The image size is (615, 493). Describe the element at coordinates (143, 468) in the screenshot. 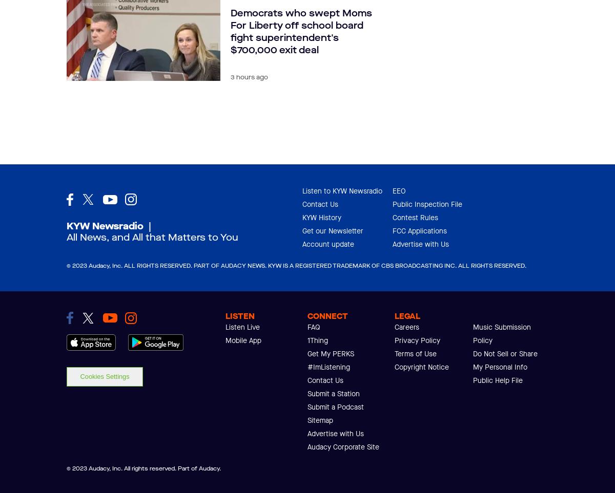

I see `'© 2023 Audacy, Inc. All rights reserved. Part of Audacy.'` at that location.